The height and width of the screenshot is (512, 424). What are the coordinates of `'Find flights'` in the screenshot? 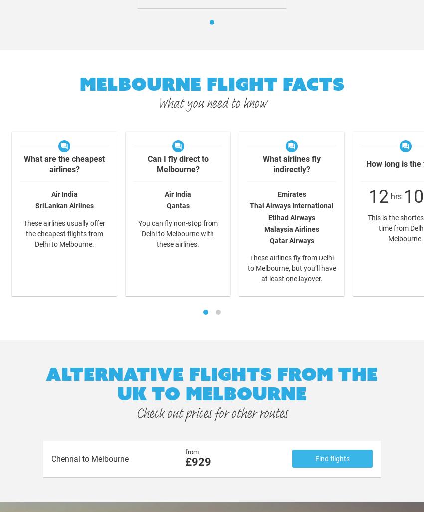 It's located at (332, 458).